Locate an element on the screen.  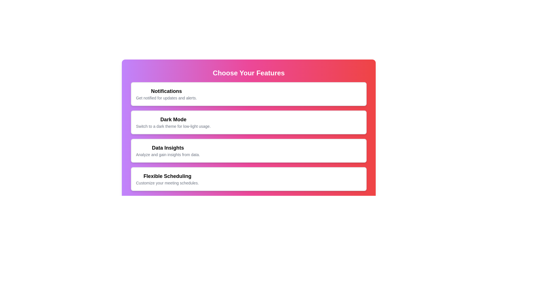
text displayed in the 'Data Insights' component, which includes the title and description within the bordered card in the 'Choose Your Features' section is located at coordinates (167, 150).